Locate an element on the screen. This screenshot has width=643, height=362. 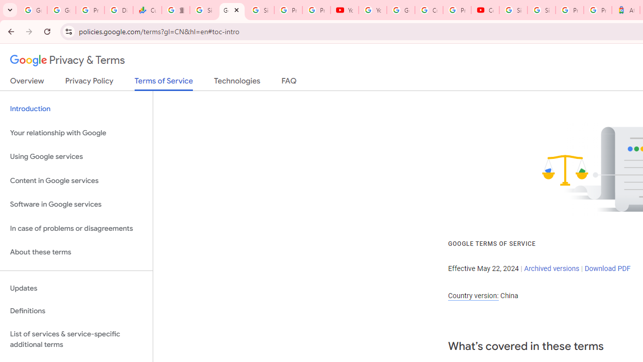
'List of services & service-specific additional terms' is located at coordinates (76, 339).